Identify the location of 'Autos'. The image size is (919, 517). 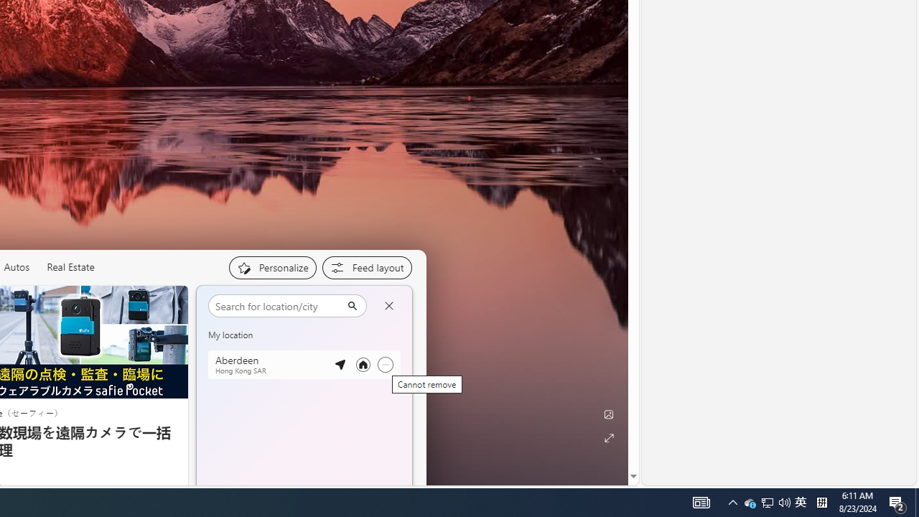
(17, 266).